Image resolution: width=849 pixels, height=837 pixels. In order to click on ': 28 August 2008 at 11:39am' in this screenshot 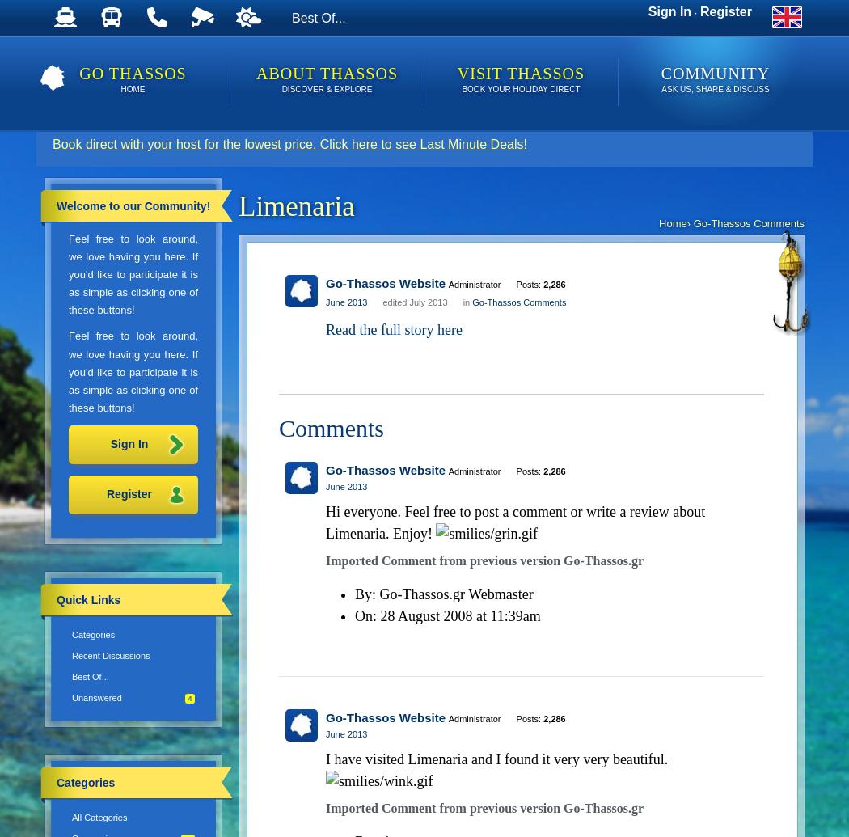, I will do `click(455, 615)`.